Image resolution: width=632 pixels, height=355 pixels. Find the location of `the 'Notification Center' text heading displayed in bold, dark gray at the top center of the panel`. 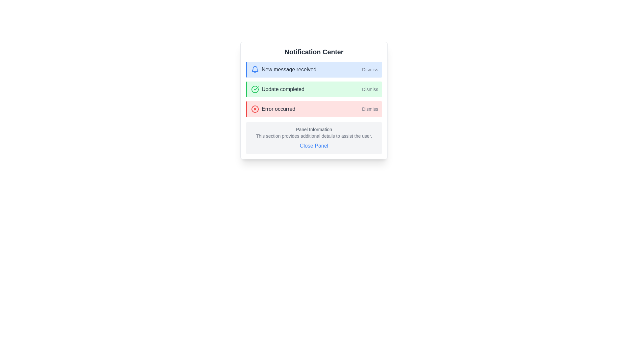

the 'Notification Center' text heading displayed in bold, dark gray at the top center of the panel is located at coordinates (314, 52).